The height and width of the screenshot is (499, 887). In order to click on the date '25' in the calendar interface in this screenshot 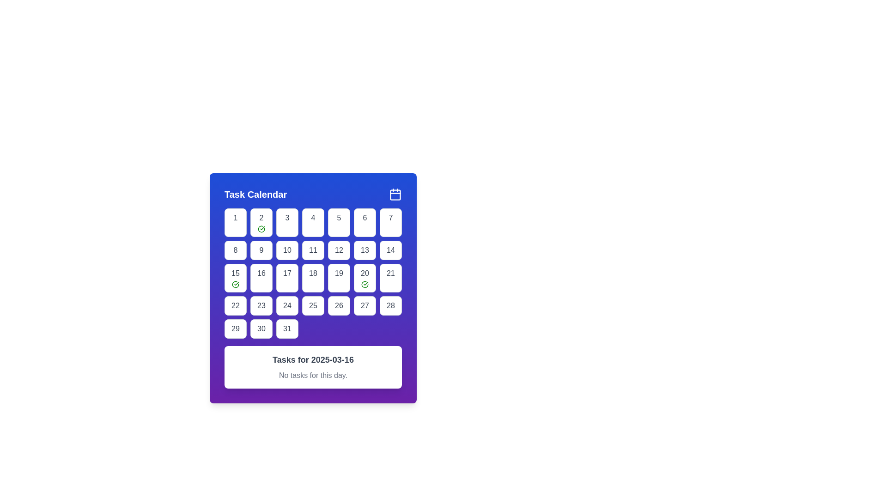, I will do `click(313, 306)`.